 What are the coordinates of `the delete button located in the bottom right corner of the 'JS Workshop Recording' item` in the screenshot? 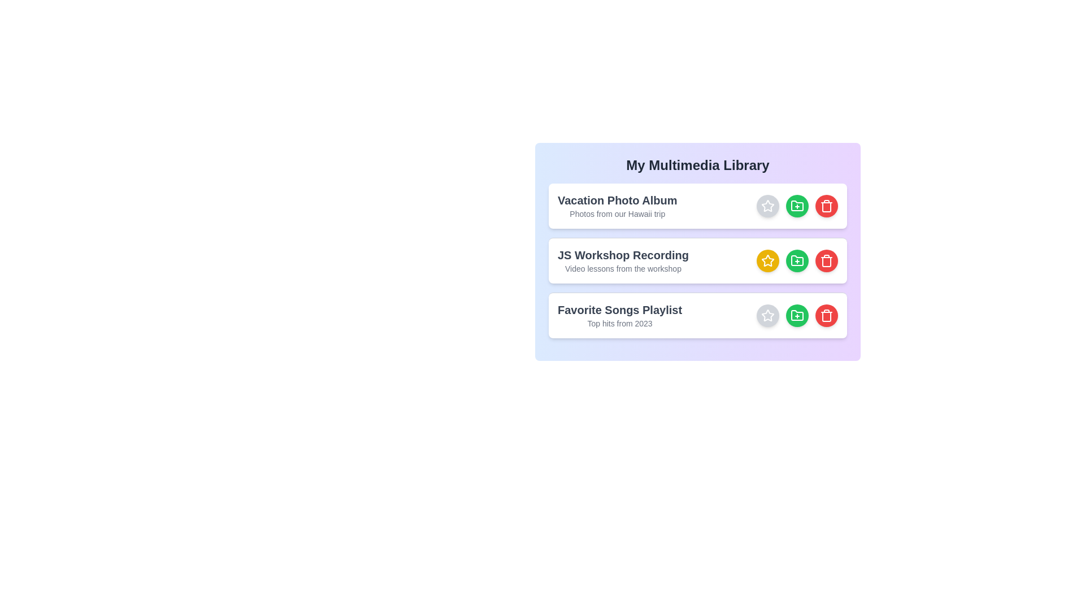 It's located at (827, 261).